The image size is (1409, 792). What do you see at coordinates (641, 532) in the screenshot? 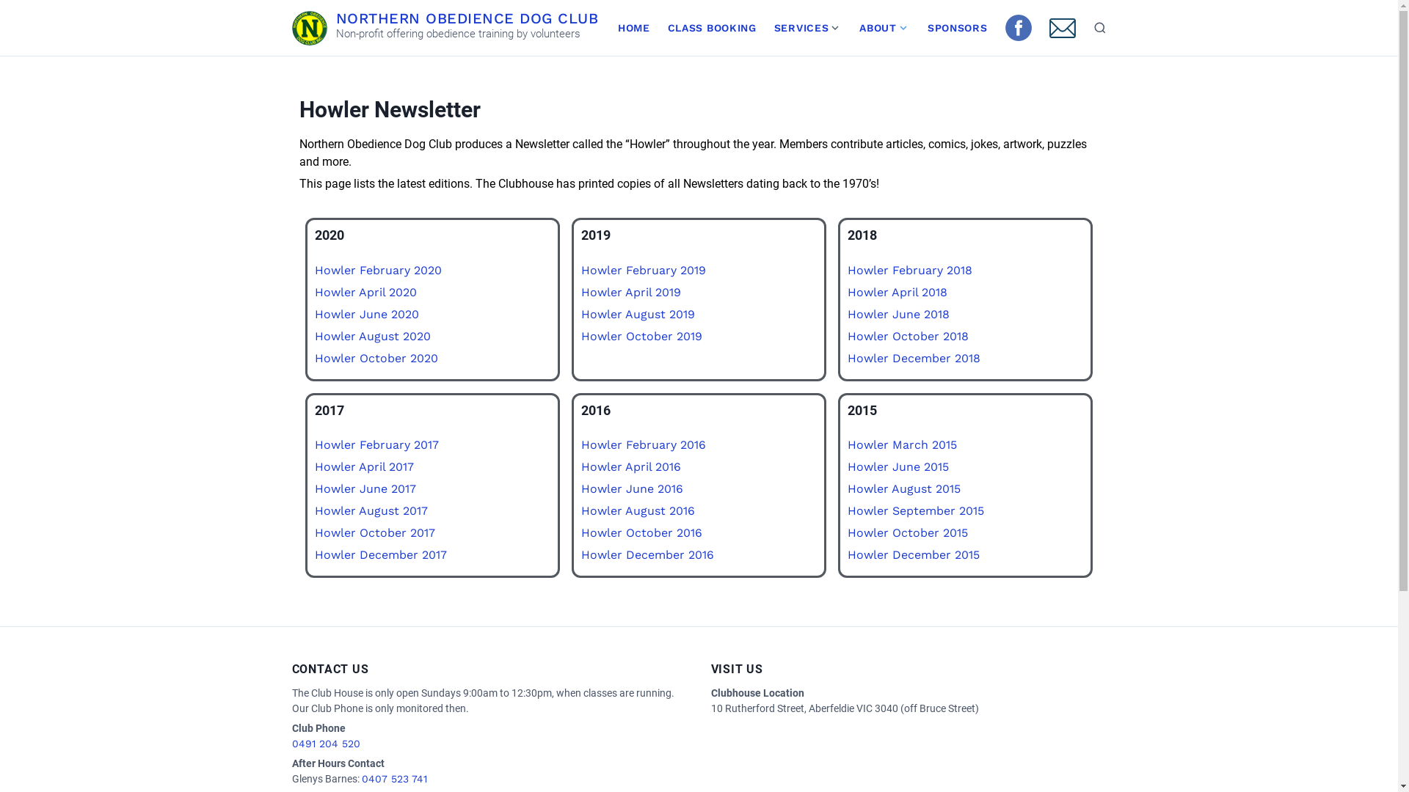
I see `'Howler October 2016'` at bounding box center [641, 532].